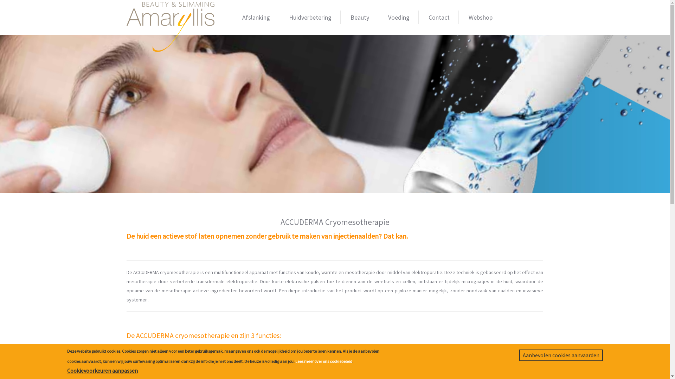 The width and height of the screenshot is (675, 379). What do you see at coordinates (67, 370) in the screenshot?
I see `'Cookievoorkeuren aanpassen'` at bounding box center [67, 370].